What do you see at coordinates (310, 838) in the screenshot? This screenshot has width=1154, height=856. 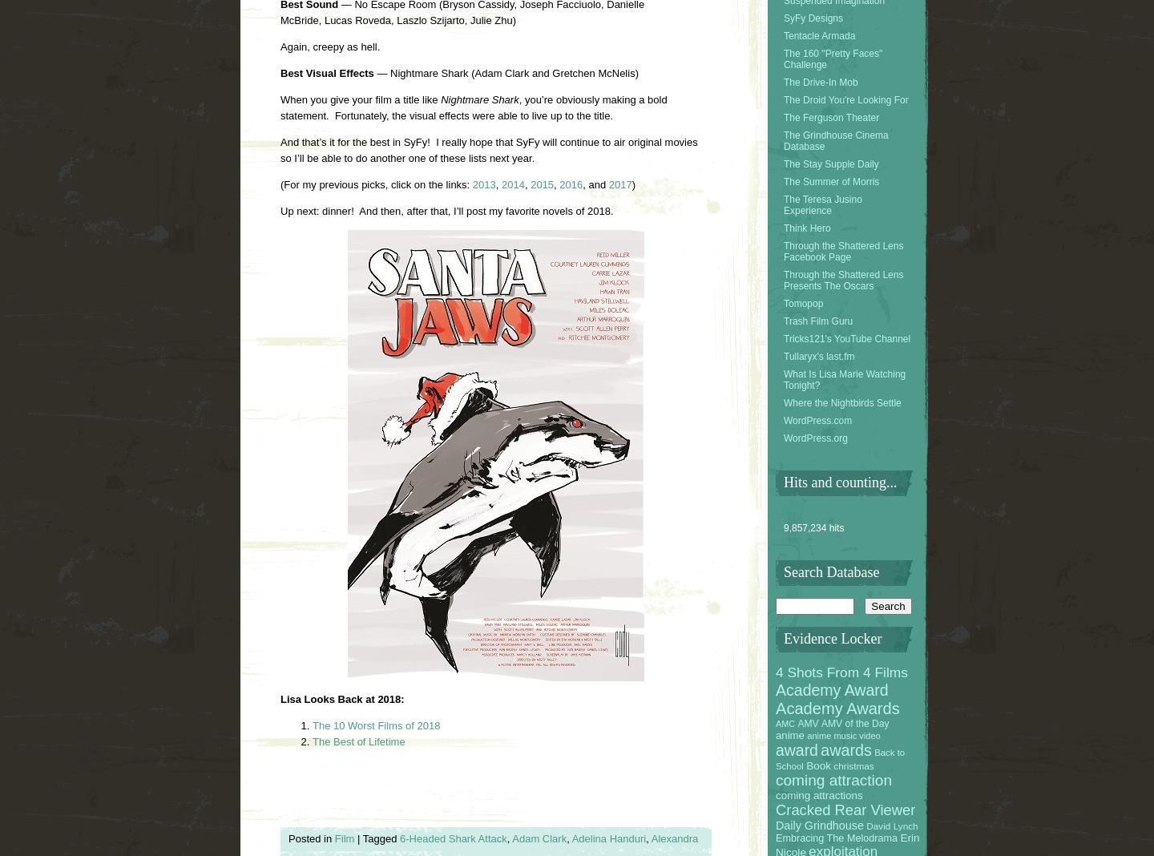 I see `'Posted in'` at bounding box center [310, 838].